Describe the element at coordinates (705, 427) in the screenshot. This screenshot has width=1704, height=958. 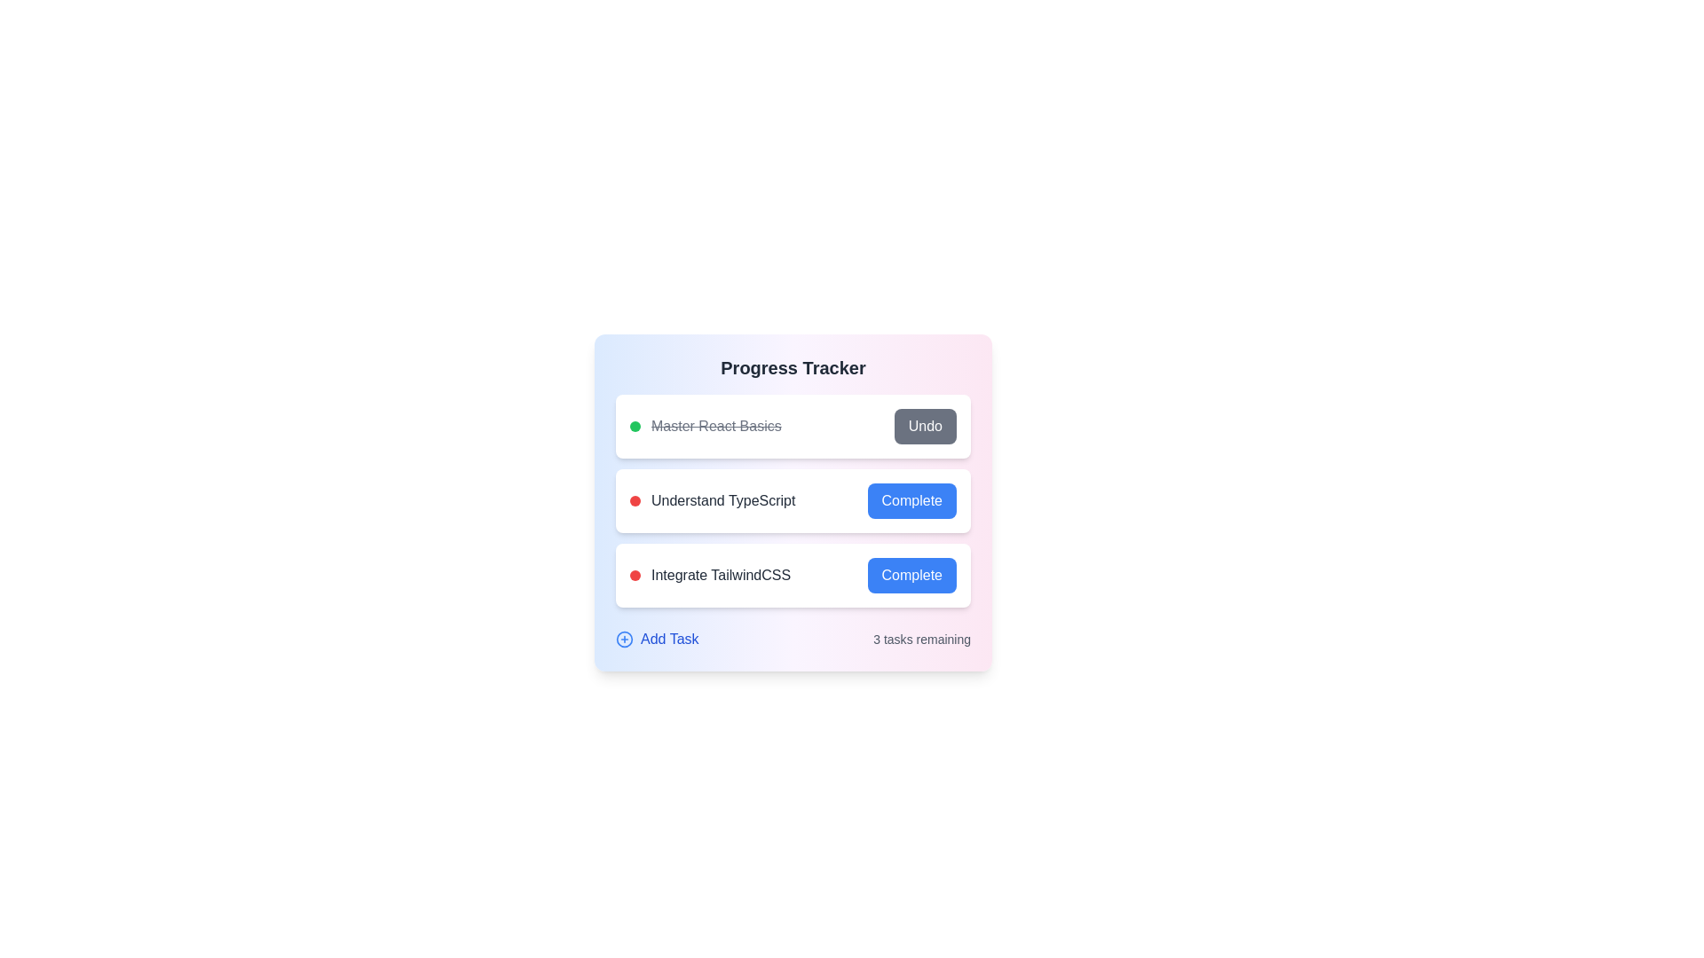
I see `the completed task titled 'Master React Basics' in the Progress Tracker task list` at that location.